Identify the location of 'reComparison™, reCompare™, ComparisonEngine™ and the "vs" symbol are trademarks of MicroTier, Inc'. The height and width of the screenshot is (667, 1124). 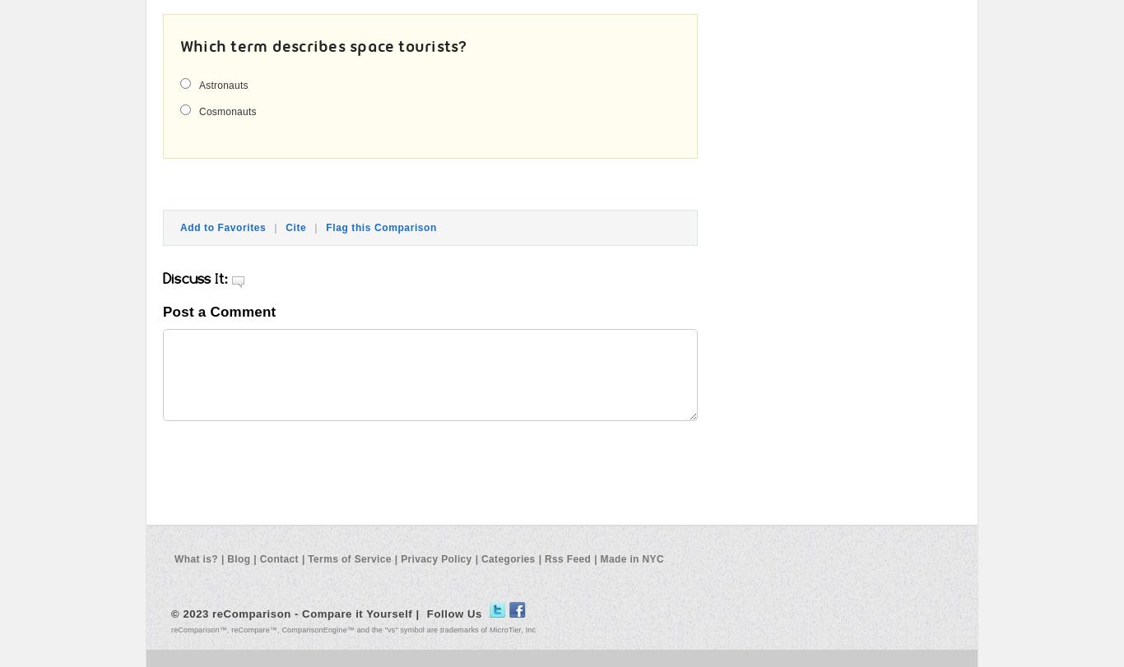
(170, 628).